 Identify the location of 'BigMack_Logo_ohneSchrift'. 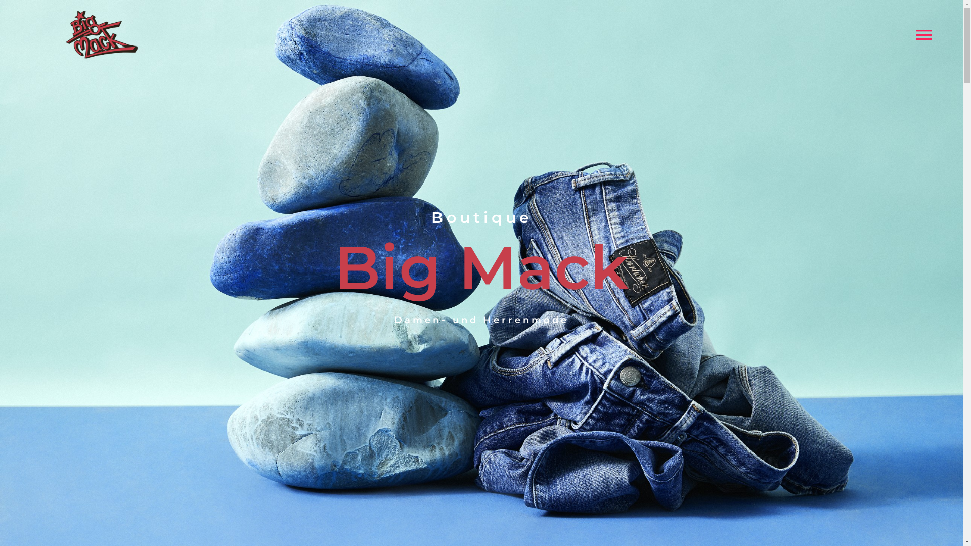
(63, 34).